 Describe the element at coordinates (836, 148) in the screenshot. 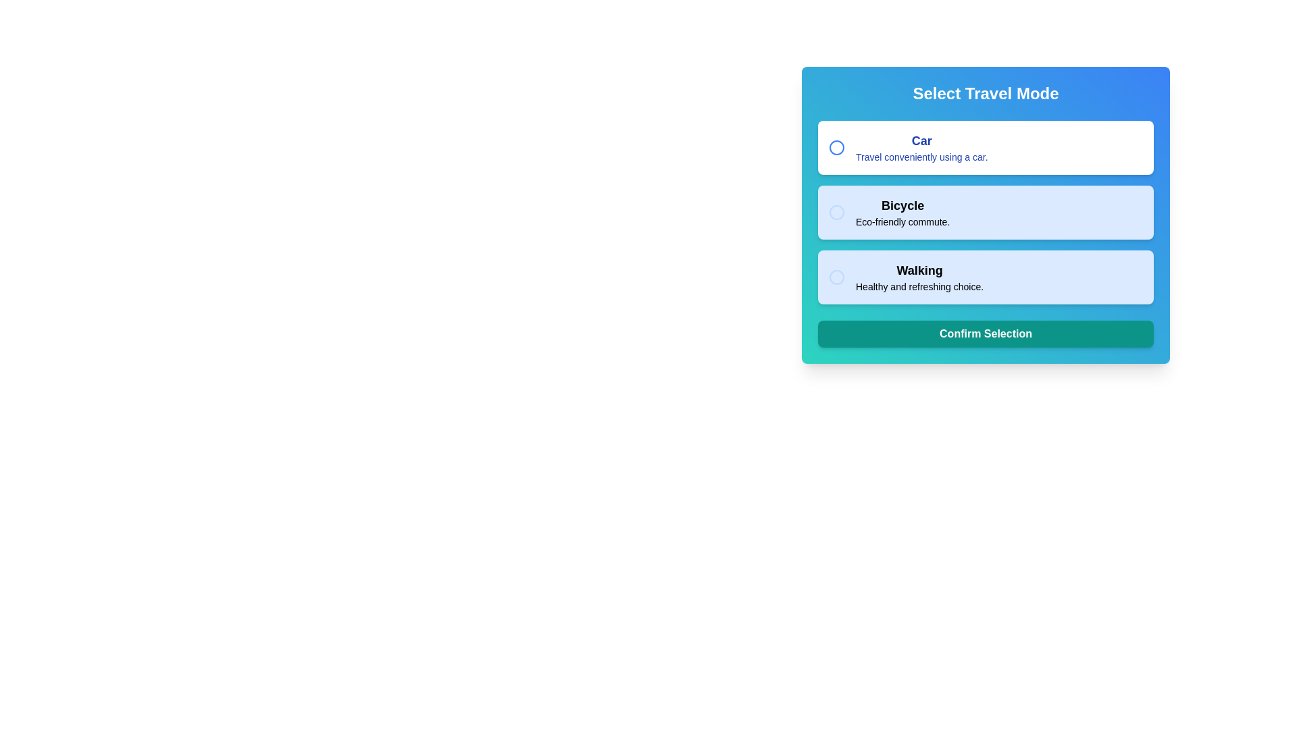

I see `the blue circular icon located to the left of the 'Car' text header within the selectable option card` at that location.